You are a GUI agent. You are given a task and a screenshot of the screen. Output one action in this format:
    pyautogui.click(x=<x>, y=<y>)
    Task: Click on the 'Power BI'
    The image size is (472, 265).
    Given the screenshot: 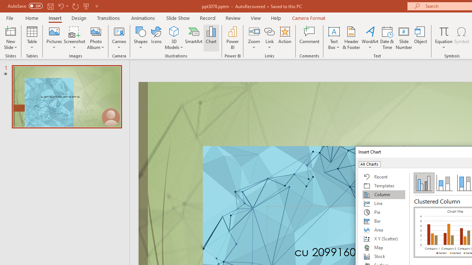 What is the action you would take?
    pyautogui.click(x=232, y=38)
    